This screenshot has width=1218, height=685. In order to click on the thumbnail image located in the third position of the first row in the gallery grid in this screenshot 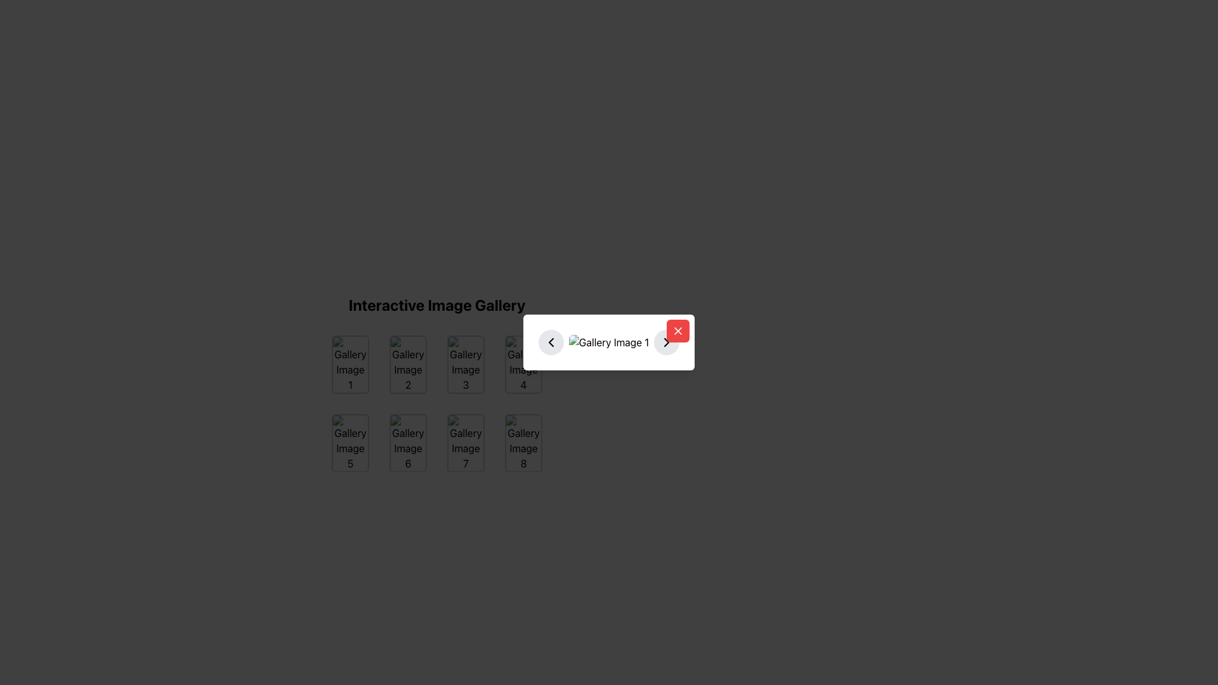, I will do `click(465, 364)`.